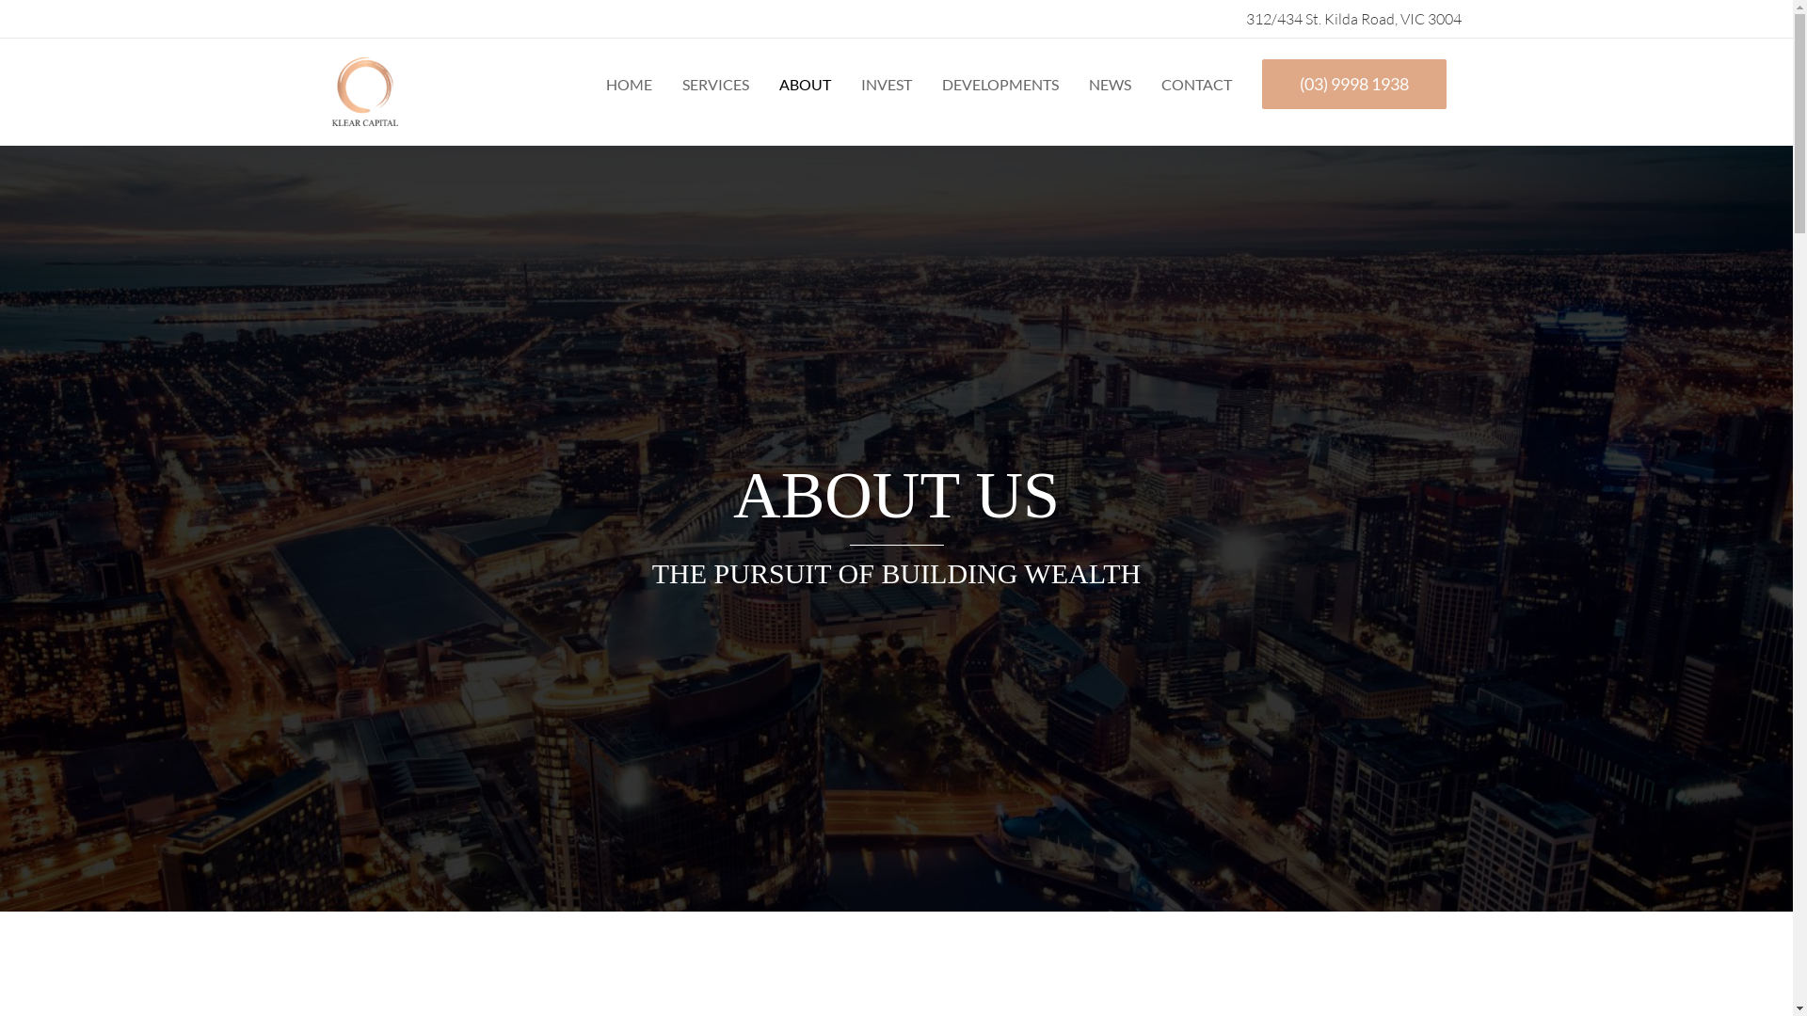  Describe the element at coordinates (998, 83) in the screenshot. I see `'DEVELOPMENTS'` at that location.